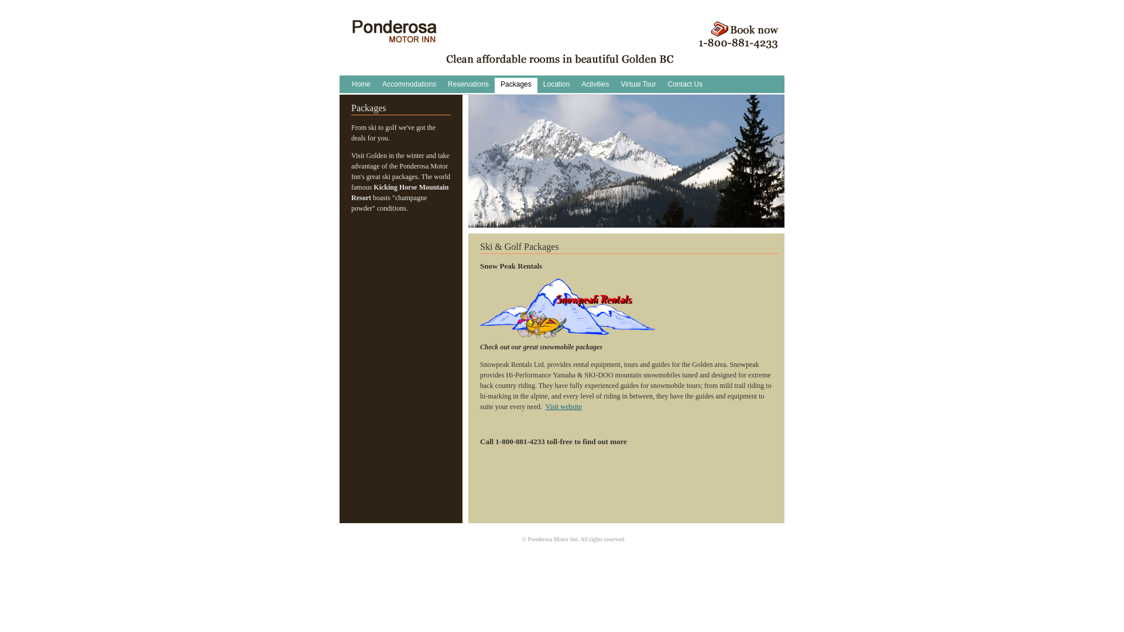 This screenshot has width=1124, height=632. I want to click on 'Accommodations', so click(376, 85).